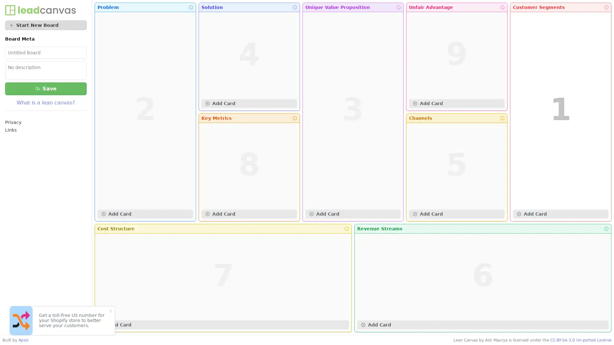 The image size is (614, 345). Describe the element at coordinates (456, 103) in the screenshot. I see `Add Card` at that location.